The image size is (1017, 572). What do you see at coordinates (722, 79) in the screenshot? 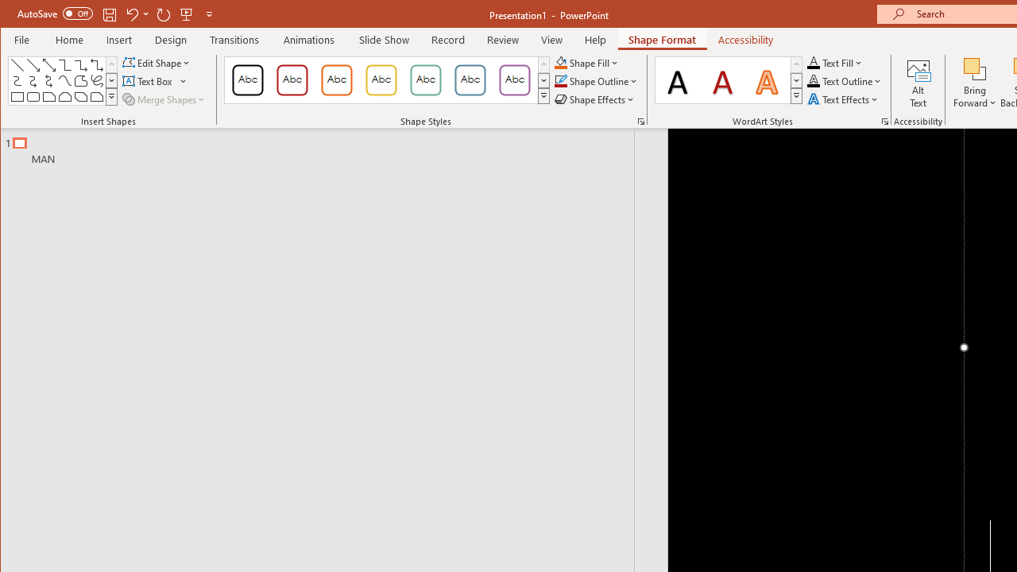
I see `'Fill: Dark Red, Accent color 1; Shadow'` at bounding box center [722, 79].